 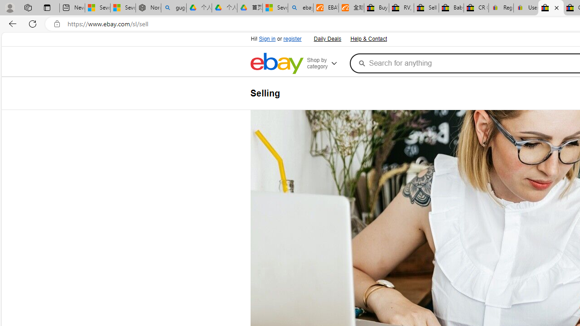 What do you see at coordinates (551, 8) in the screenshot?
I see `'Selling on eBay | Electronics, Fashion, Home & Garden | eBay'` at bounding box center [551, 8].